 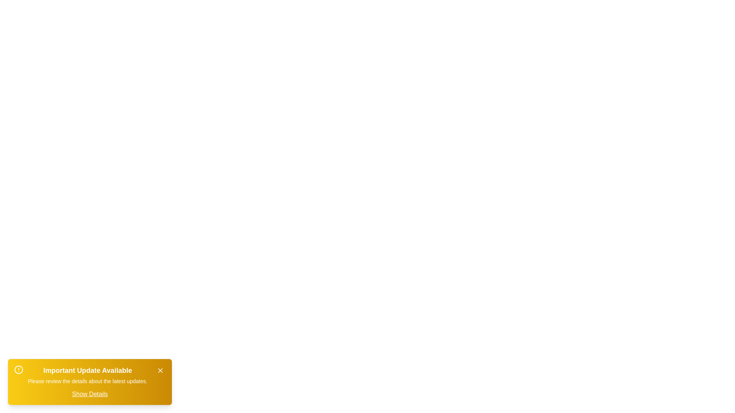 What do you see at coordinates (90, 394) in the screenshot?
I see `the 'Show Details' button to toggle the visibility of detailed information` at bounding box center [90, 394].